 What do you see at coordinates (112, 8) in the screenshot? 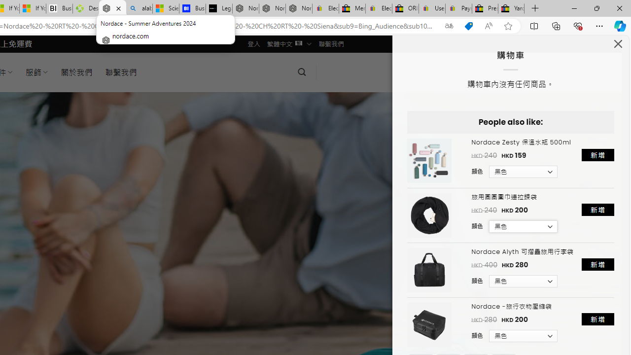
I see `'Nordace - Summer Adventures 2024'` at bounding box center [112, 8].